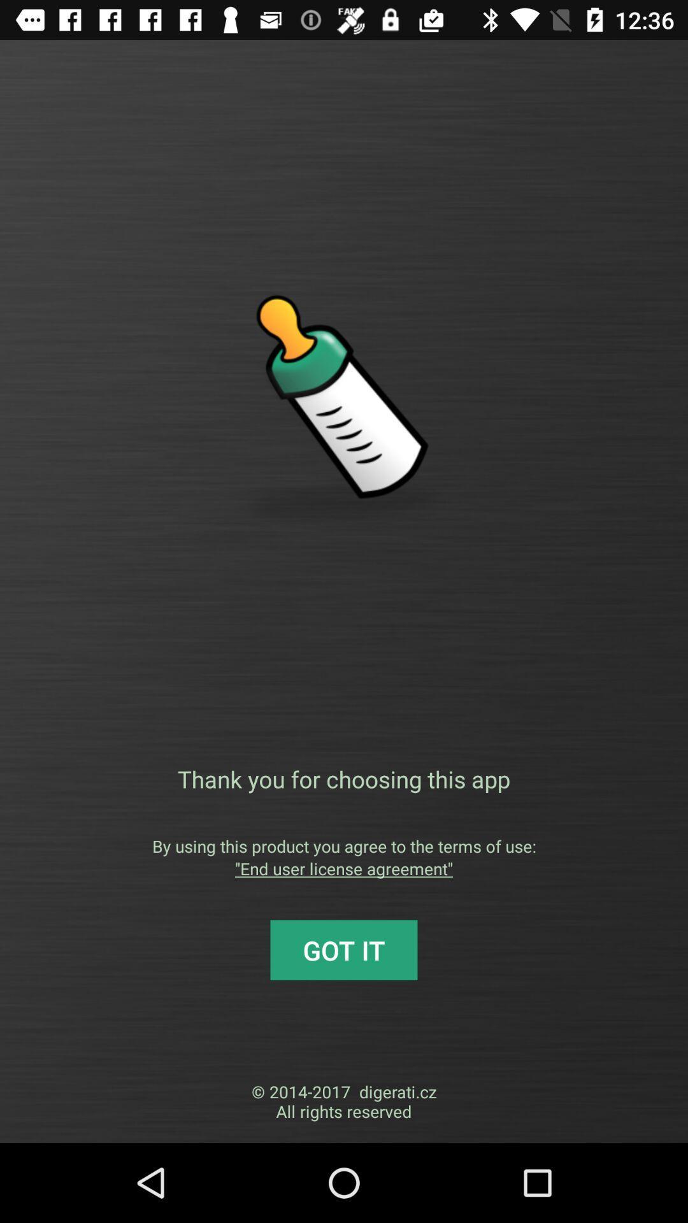  I want to click on the 2014 2017 digerati, so click(344, 1101).